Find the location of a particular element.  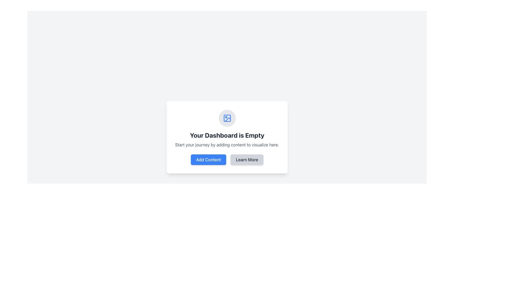

the rectangular button with rounded corners, styled in vibrant blue with white text that reads 'Add Content', to observe visual feedback is located at coordinates (208, 159).